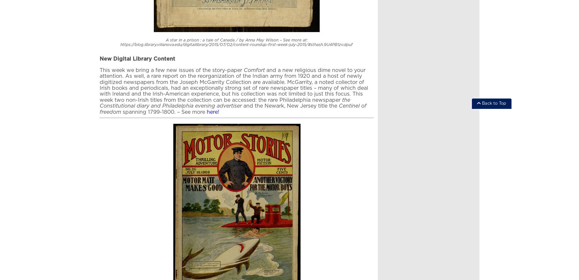 The width and height of the screenshot is (579, 280). I want to click on 'spanning 1799-1800. – See more', so click(164, 111).